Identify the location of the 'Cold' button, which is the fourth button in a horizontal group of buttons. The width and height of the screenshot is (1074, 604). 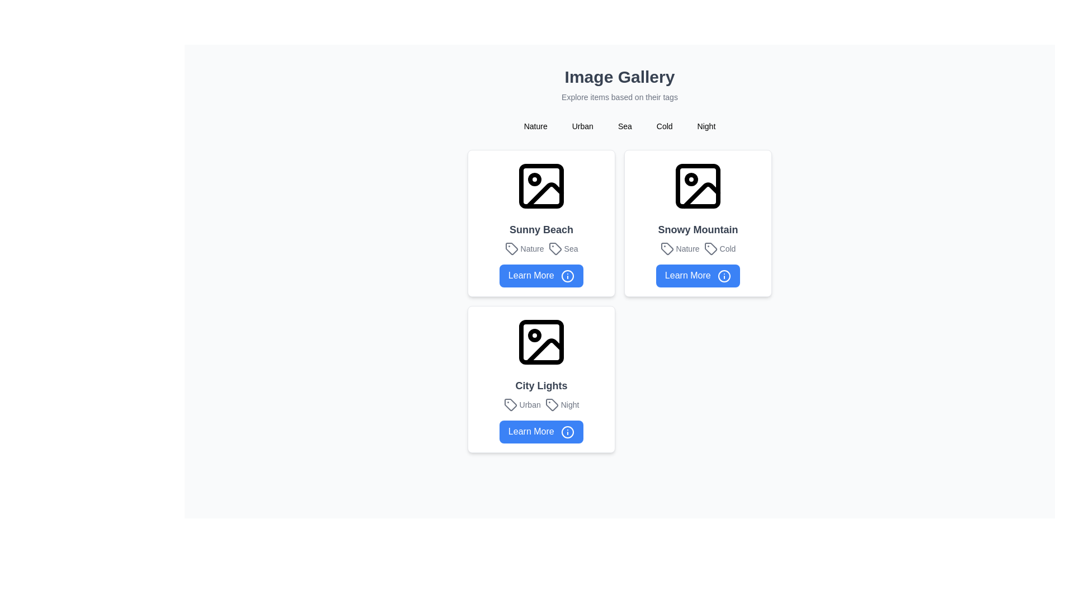
(665, 126).